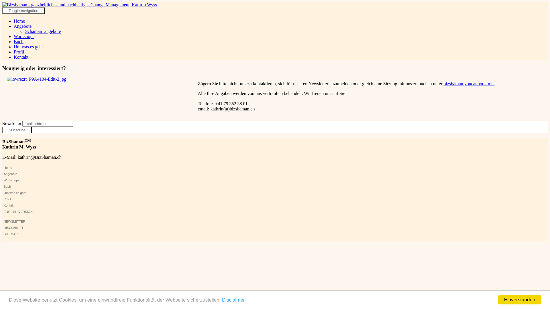 The height and width of the screenshot is (309, 550). What do you see at coordinates (520, 299) in the screenshot?
I see `'Einverstanden'` at bounding box center [520, 299].